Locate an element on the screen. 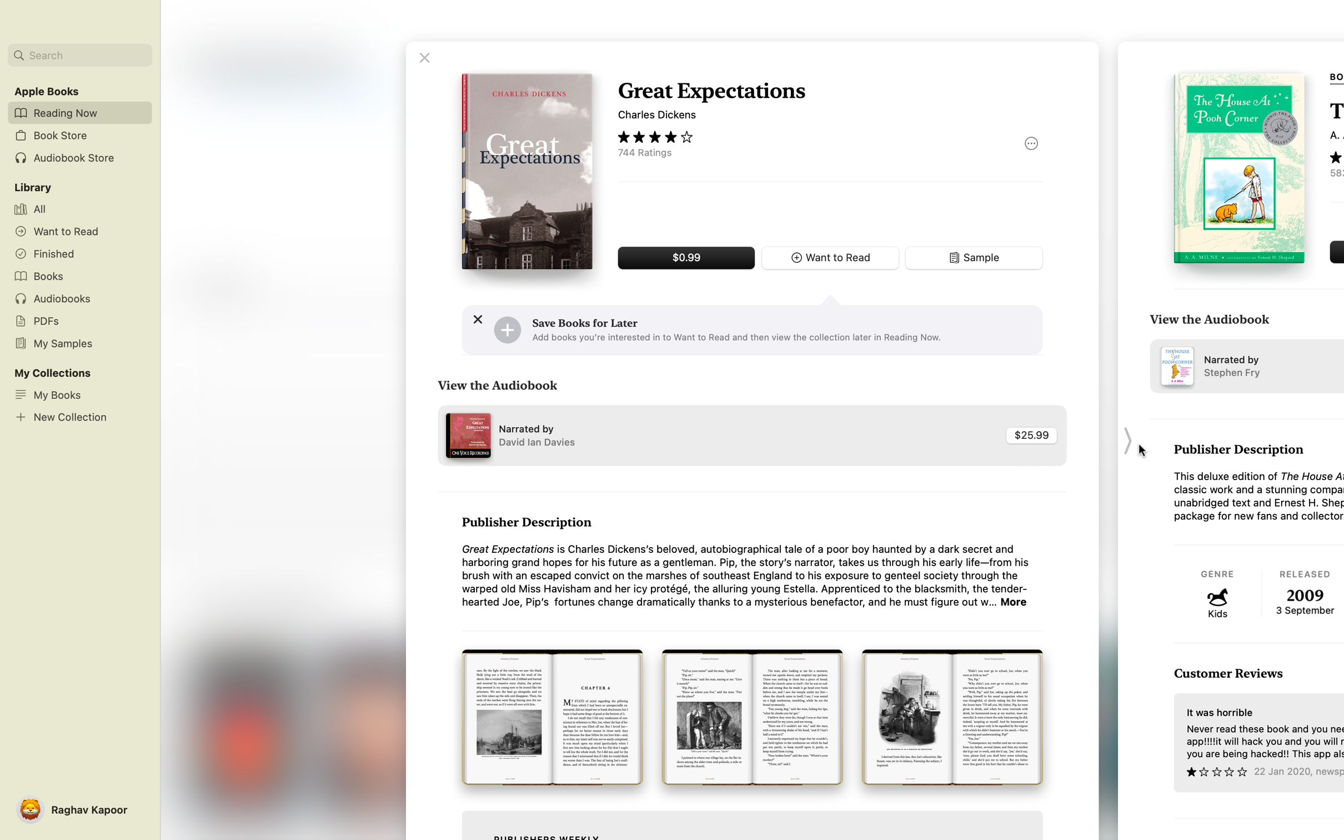  Scroll down to read reader reviews about the book is located at coordinates (2526720, 927360).